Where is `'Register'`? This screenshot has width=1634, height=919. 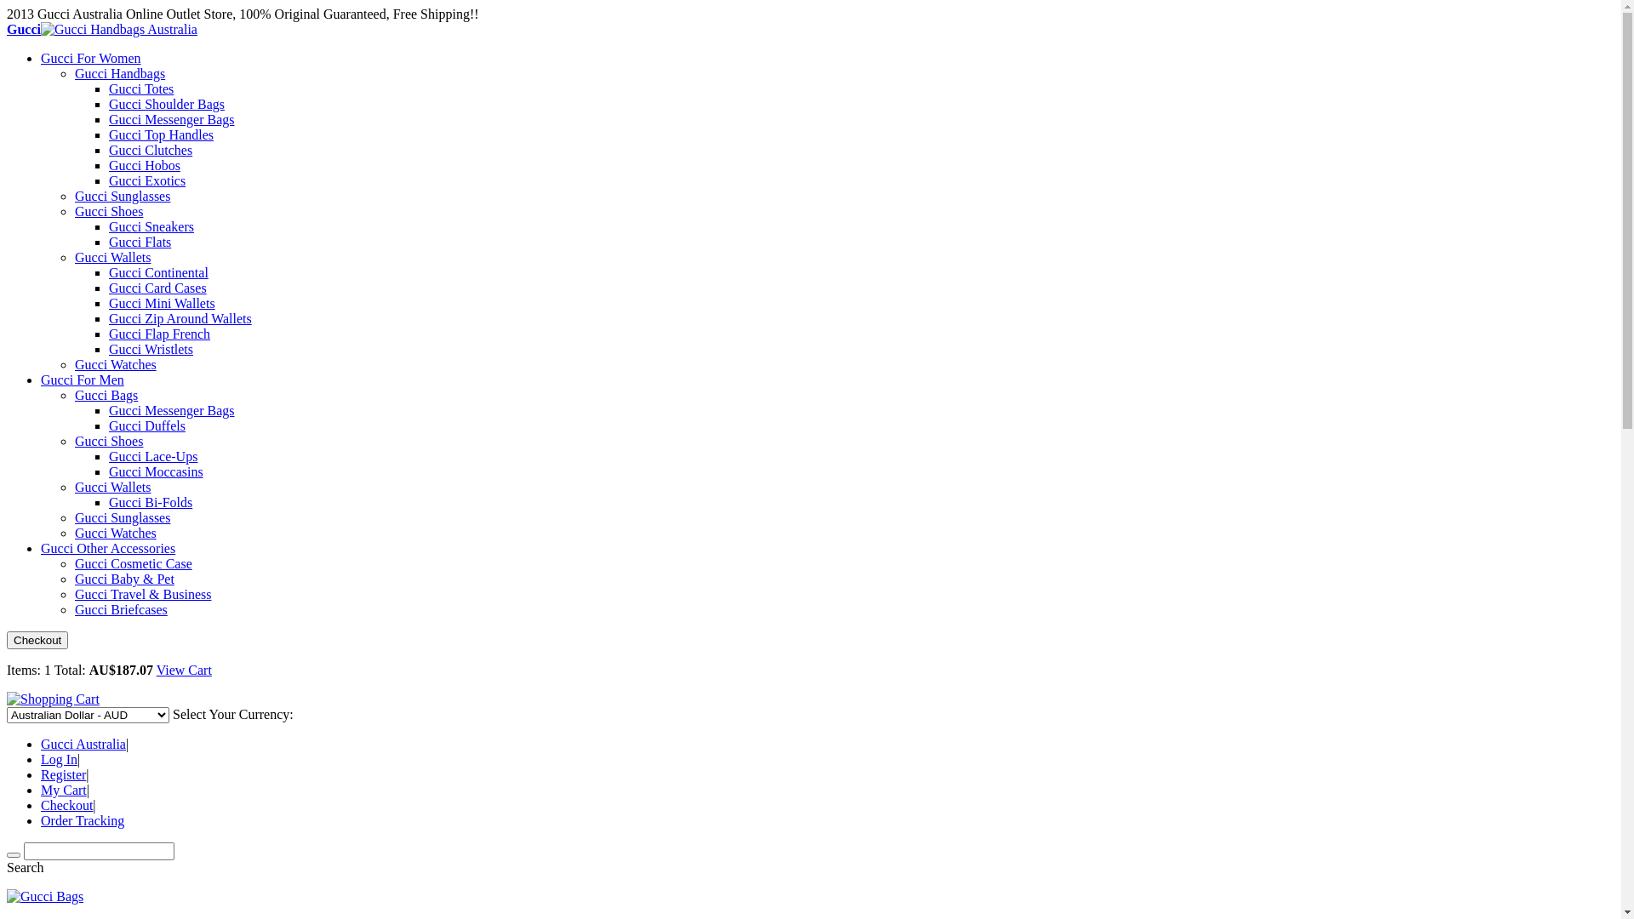
'Register' is located at coordinates (63, 774).